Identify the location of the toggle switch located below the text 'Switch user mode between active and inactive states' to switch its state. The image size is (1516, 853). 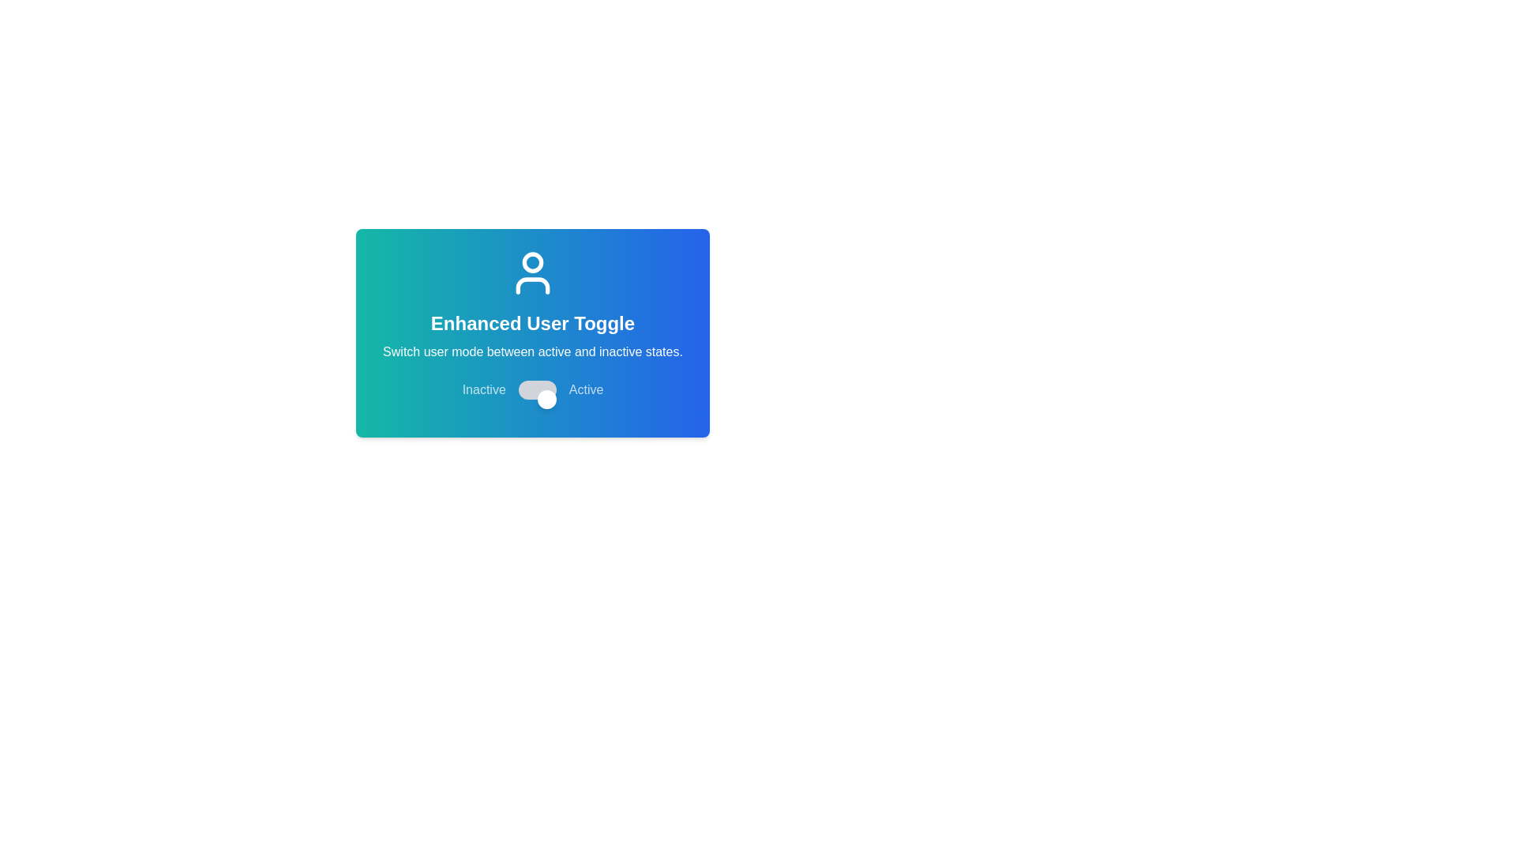
(533, 389).